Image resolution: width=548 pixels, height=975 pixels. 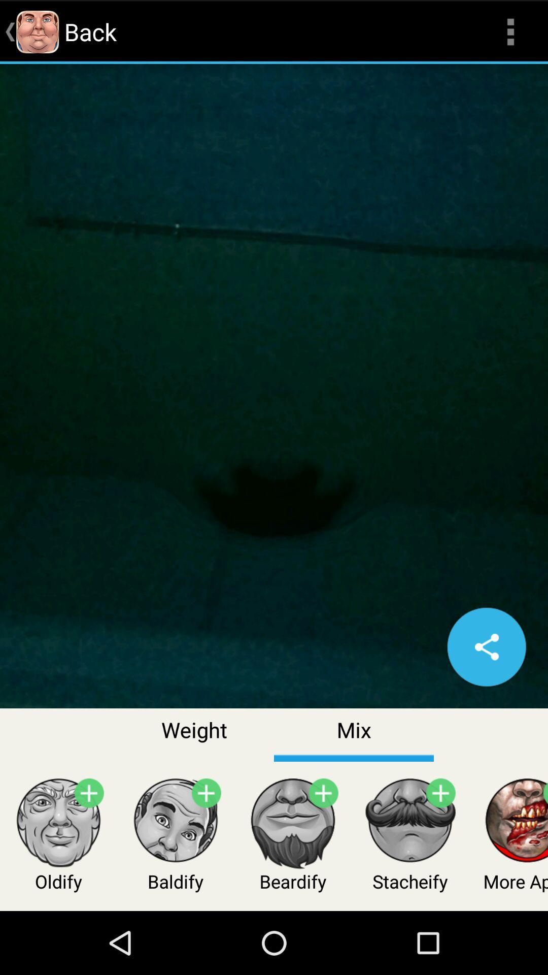 What do you see at coordinates (486, 692) in the screenshot?
I see `the share icon` at bounding box center [486, 692].